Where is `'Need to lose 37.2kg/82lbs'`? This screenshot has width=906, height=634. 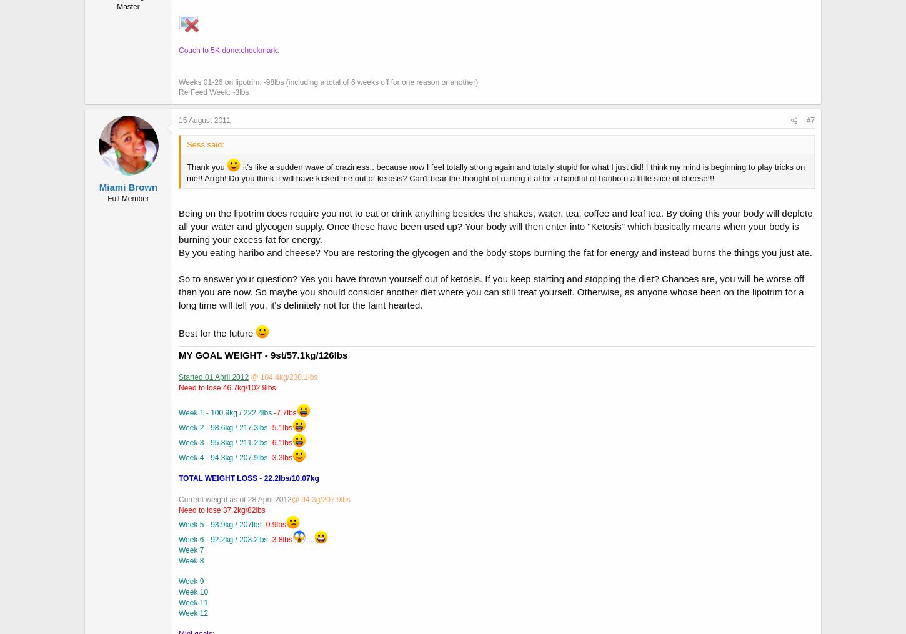
'Need to lose 37.2kg/82lbs' is located at coordinates (178, 509).